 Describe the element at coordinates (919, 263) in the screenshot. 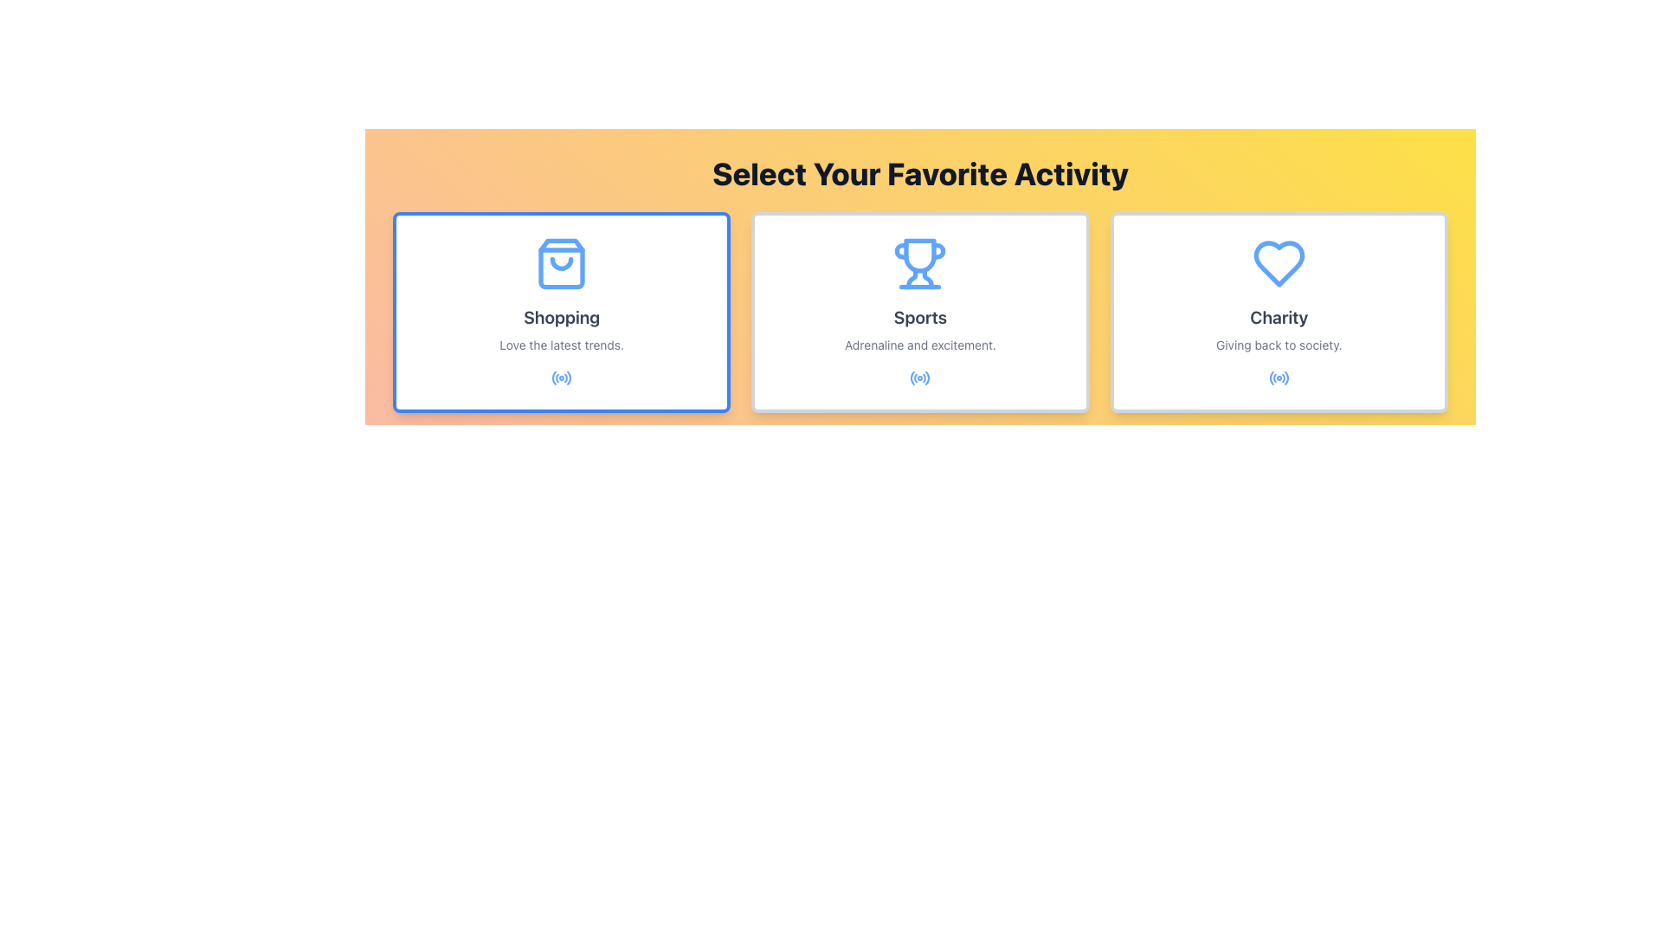

I see `the blue trophy icon located at the top section of the 'Sports' card, which is horizontally centered within the card` at that location.